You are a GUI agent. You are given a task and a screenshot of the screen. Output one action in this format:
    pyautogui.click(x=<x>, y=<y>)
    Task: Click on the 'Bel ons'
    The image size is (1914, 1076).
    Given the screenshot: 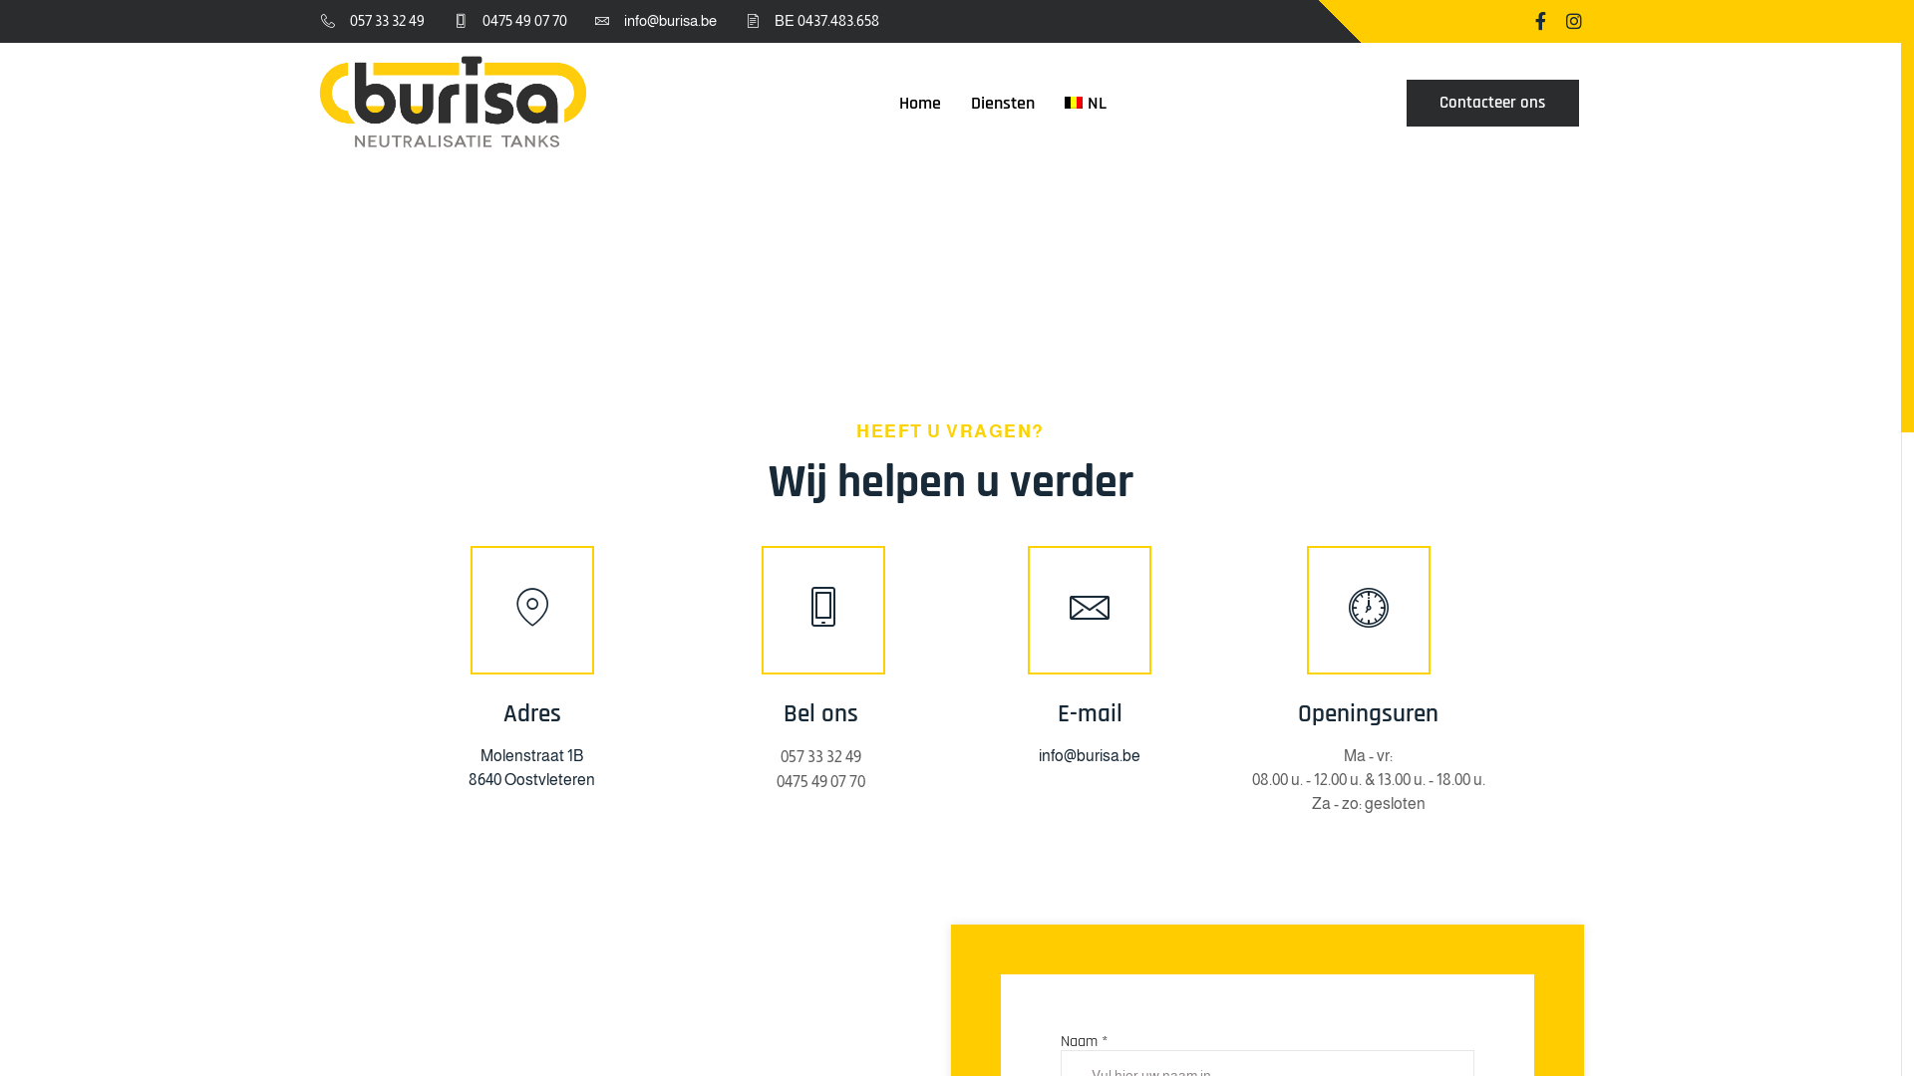 What is the action you would take?
    pyautogui.click(x=760, y=713)
    